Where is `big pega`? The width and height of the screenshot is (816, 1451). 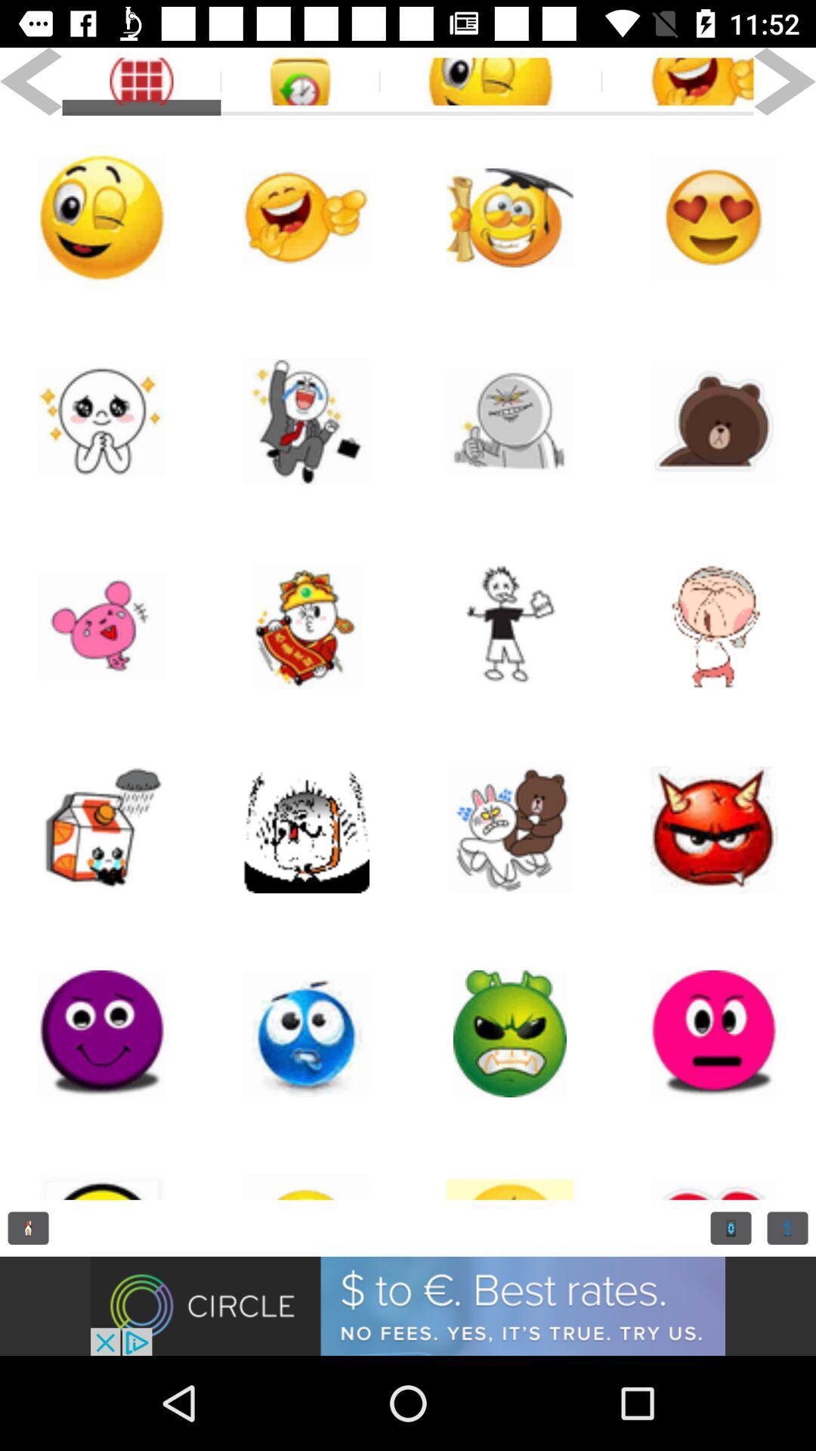
big pega is located at coordinates (714, 829).